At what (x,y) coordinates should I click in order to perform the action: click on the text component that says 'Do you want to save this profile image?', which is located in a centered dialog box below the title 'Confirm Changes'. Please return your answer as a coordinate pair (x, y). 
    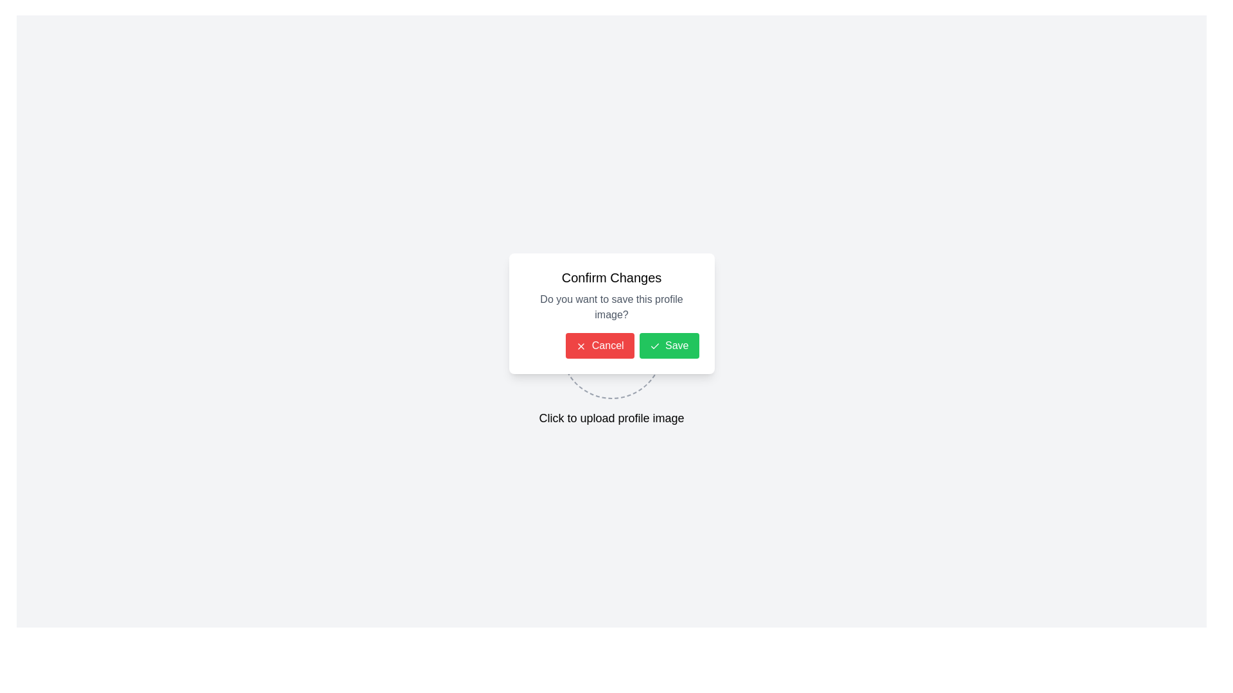
    Looking at the image, I should click on (611, 307).